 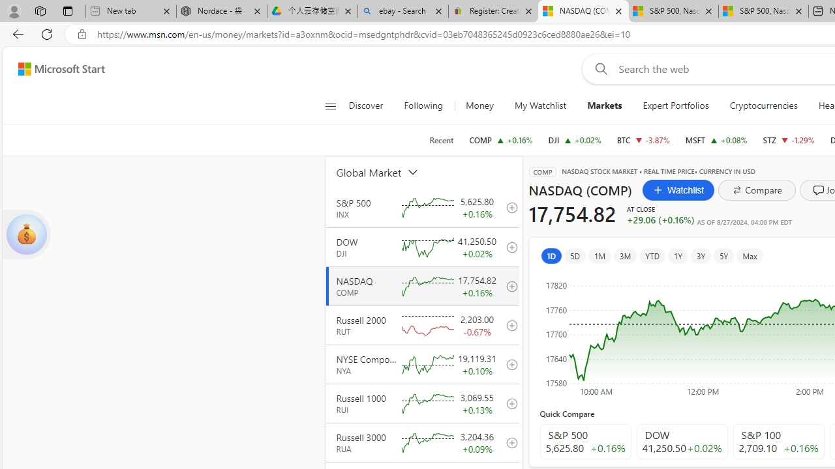 What do you see at coordinates (442, 140) in the screenshot?
I see `'Recent'` at bounding box center [442, 140].